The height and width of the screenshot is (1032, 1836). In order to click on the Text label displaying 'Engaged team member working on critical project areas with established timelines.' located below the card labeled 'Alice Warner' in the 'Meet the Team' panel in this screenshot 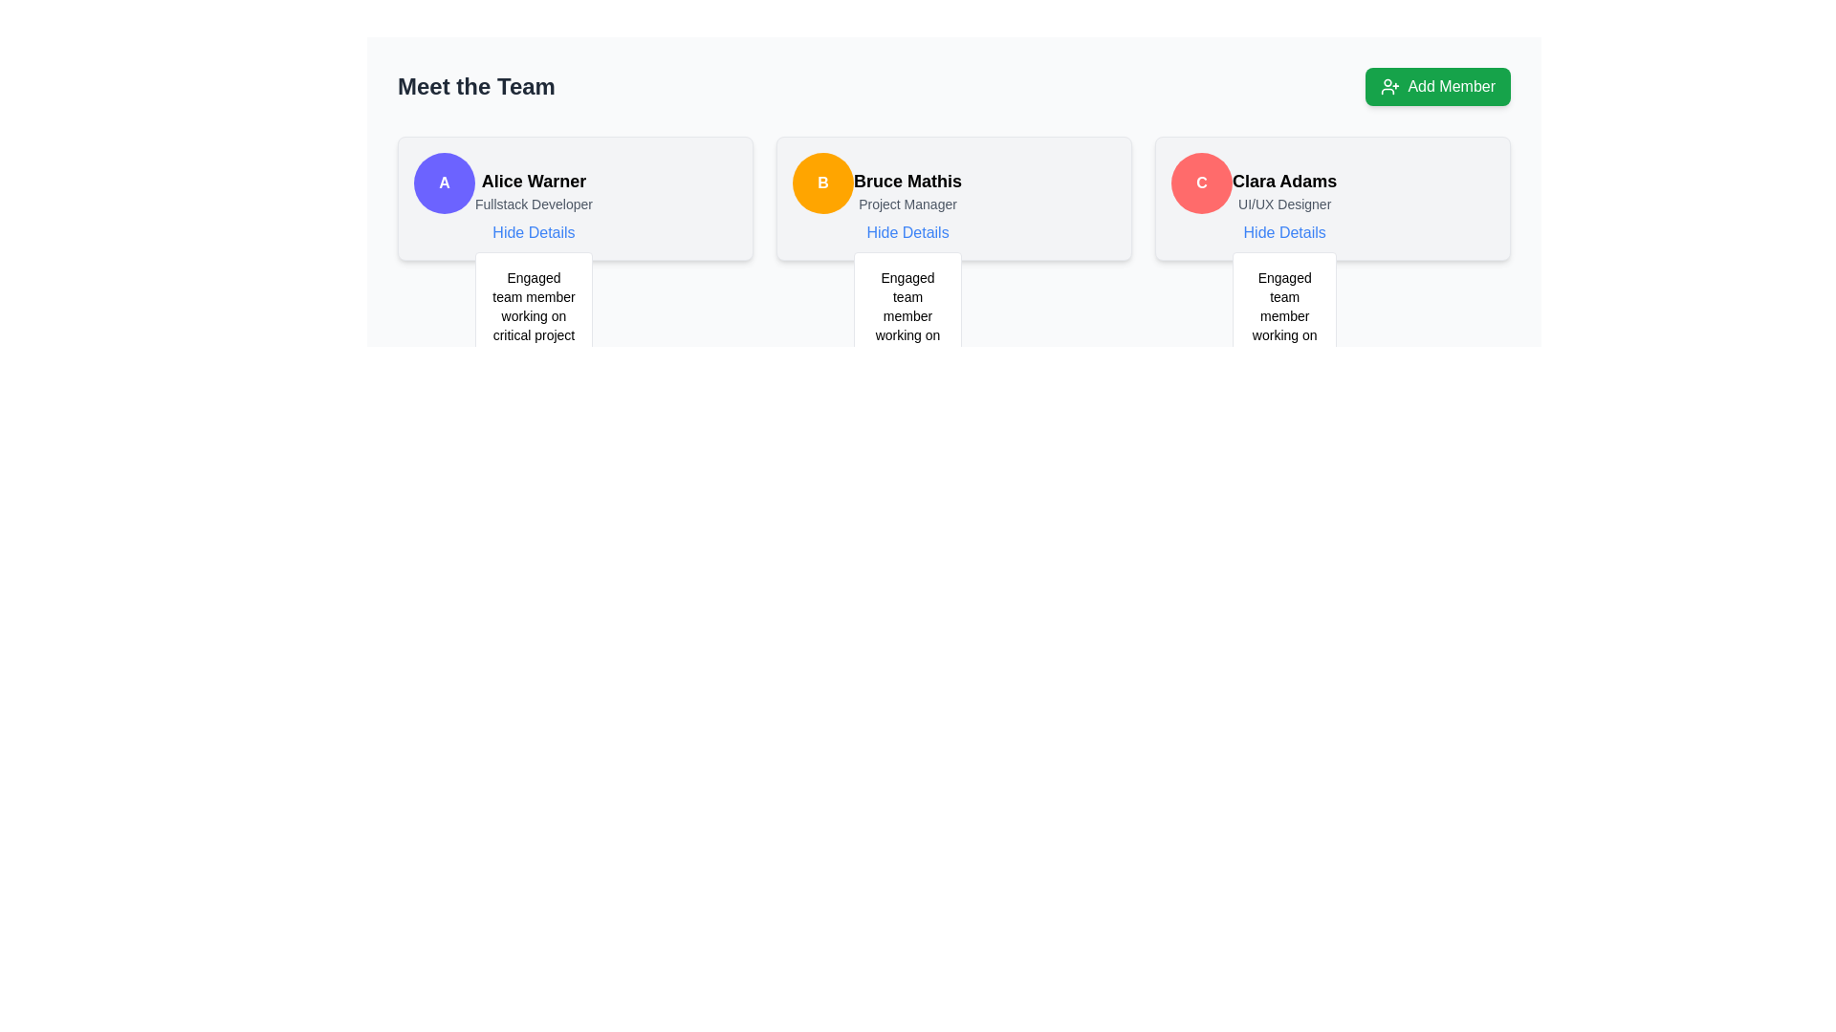, I will do `click(534, 334)`.